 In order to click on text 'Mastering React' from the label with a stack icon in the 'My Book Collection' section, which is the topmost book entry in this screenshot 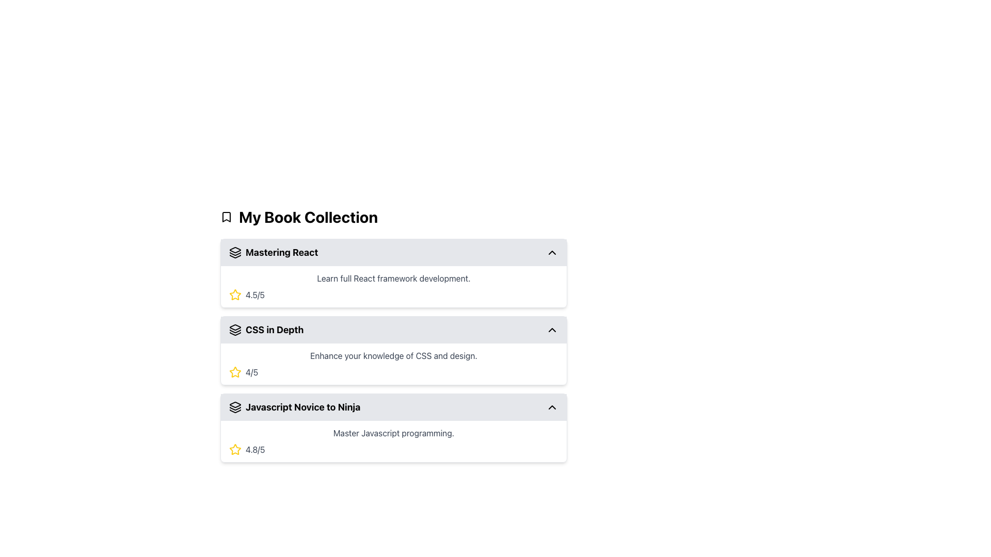, I will do `click(274, 252)`.